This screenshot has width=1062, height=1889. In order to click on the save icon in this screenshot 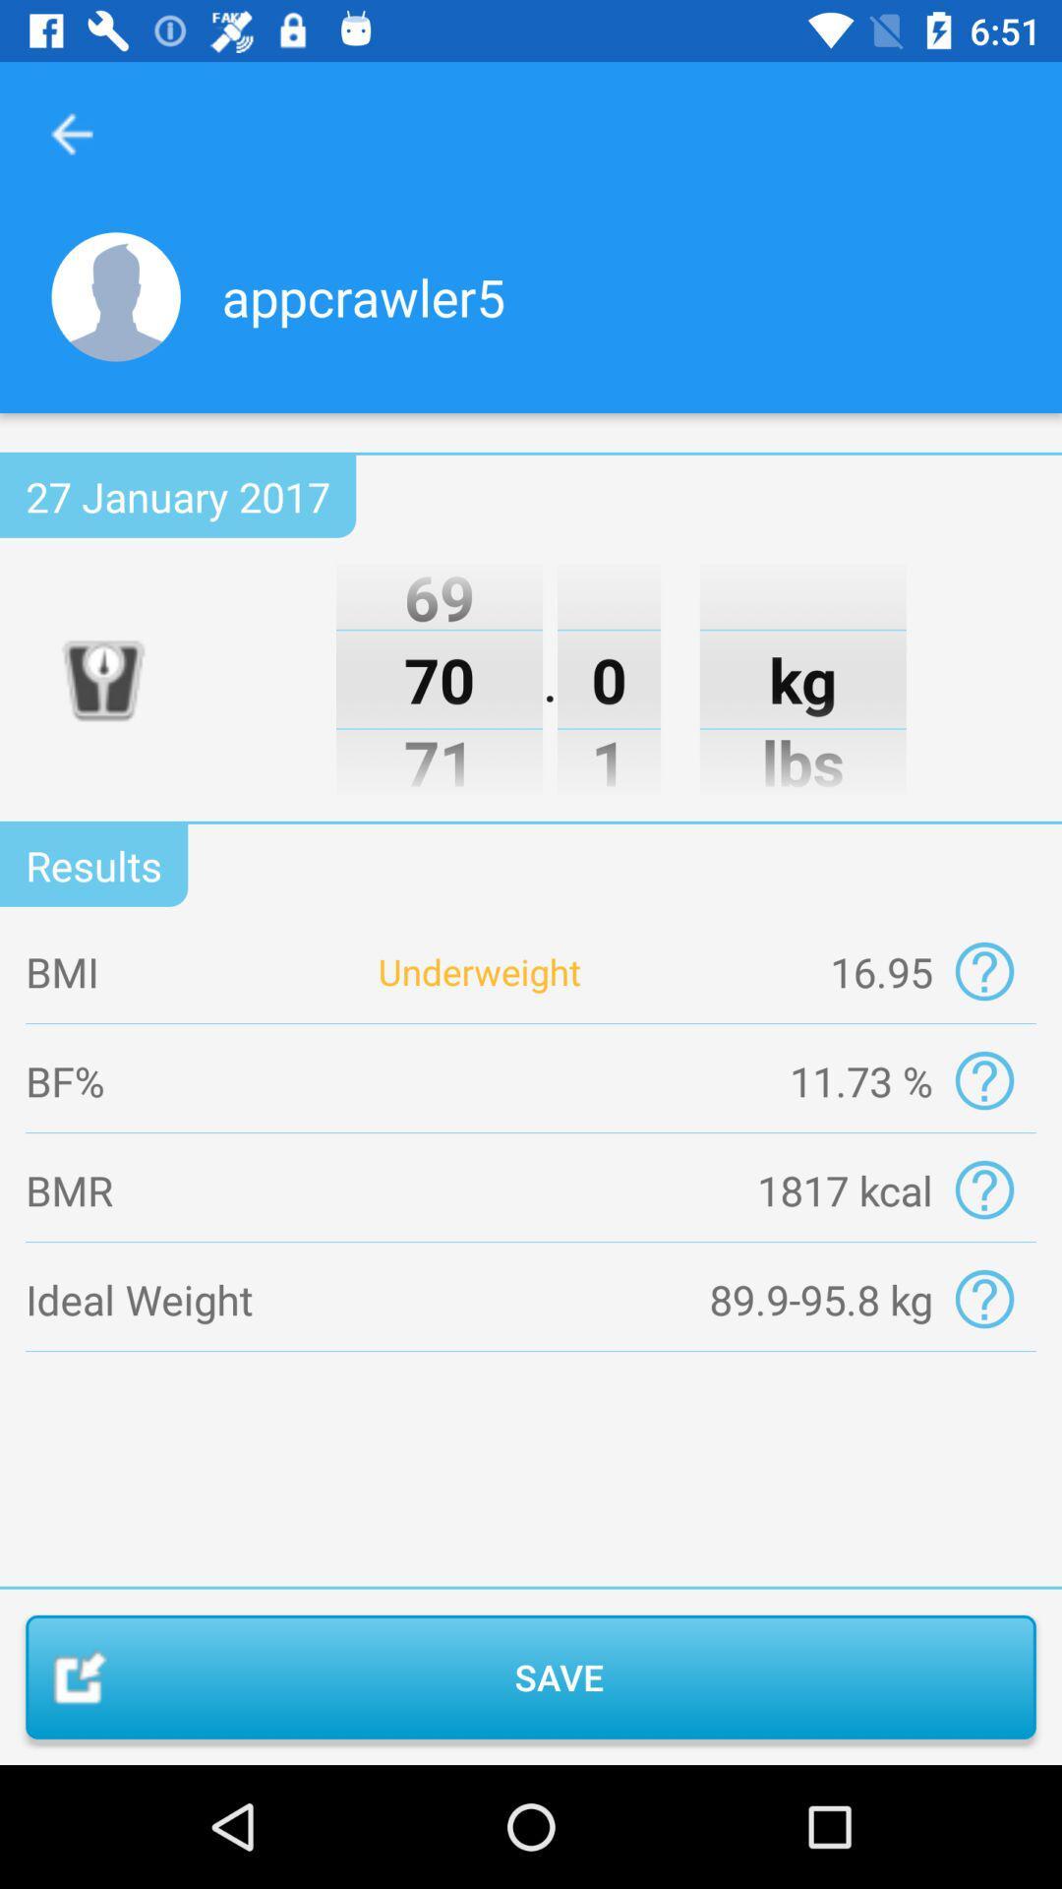, I will do `click(531, 1676)`.